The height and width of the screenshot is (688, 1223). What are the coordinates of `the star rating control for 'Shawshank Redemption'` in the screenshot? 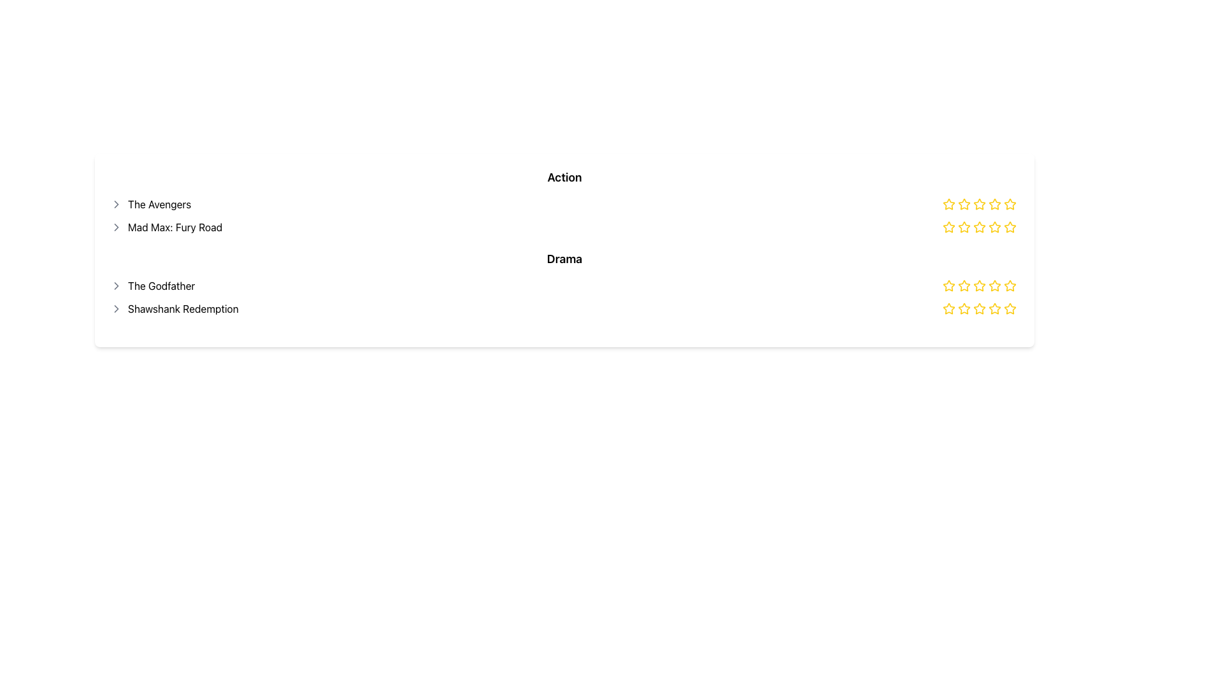 It's located at (980, 309).